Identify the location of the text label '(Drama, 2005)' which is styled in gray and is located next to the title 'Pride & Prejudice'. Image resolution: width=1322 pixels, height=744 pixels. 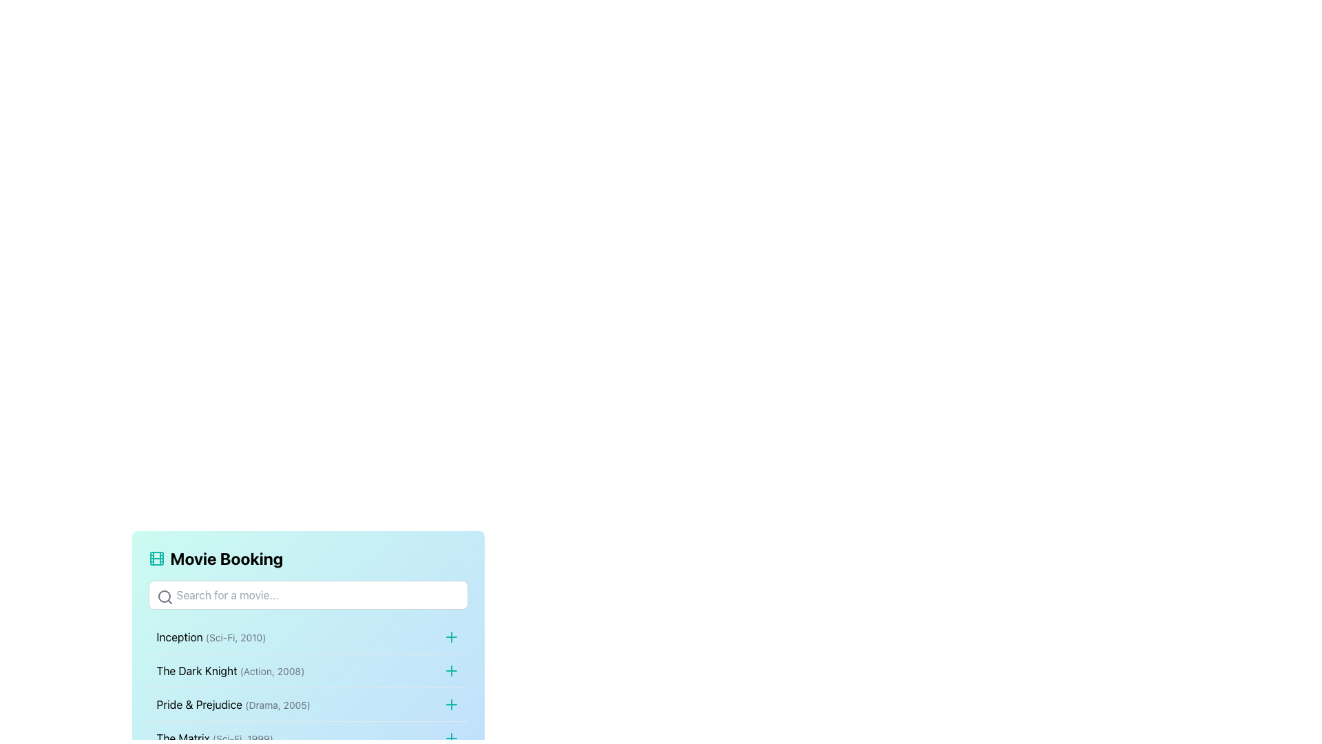
(277, 705).